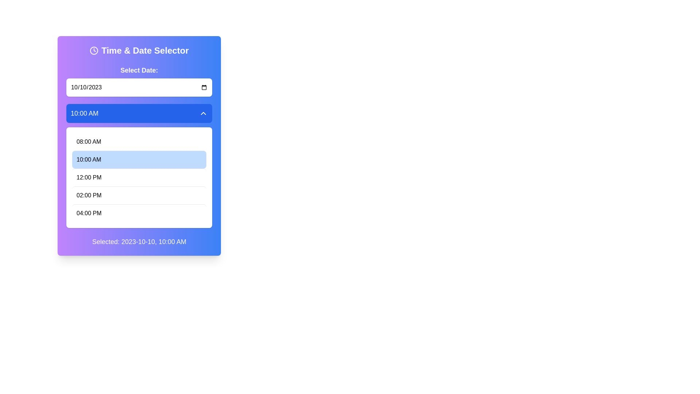 The width and height of the screenshot is (700, 394). I want to click on the selectable list item displaying '04:00 PM', so click(139, 213).